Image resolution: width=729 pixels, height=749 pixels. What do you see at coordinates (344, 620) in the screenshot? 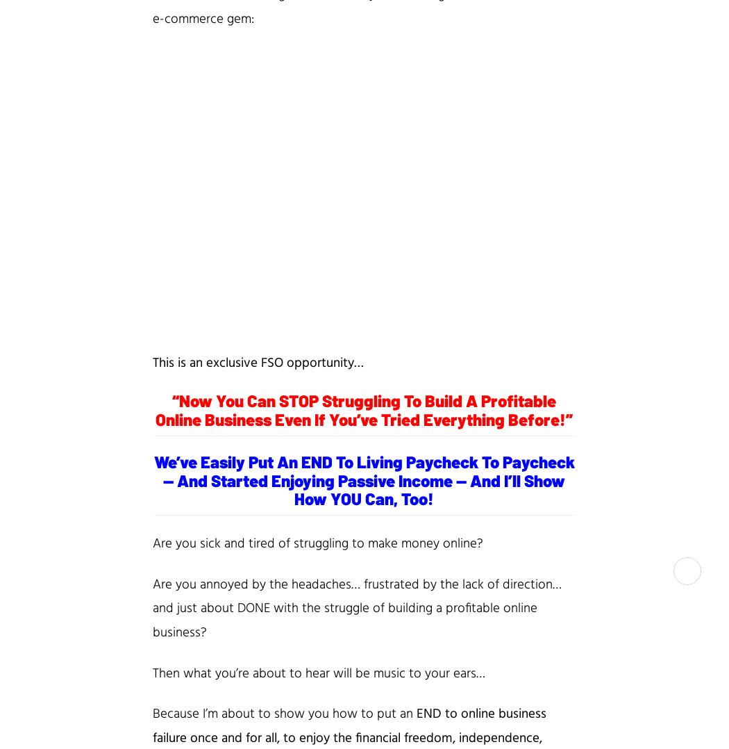
I see `'struggle of building a profitable online business'` at bounding box center [344, 620].